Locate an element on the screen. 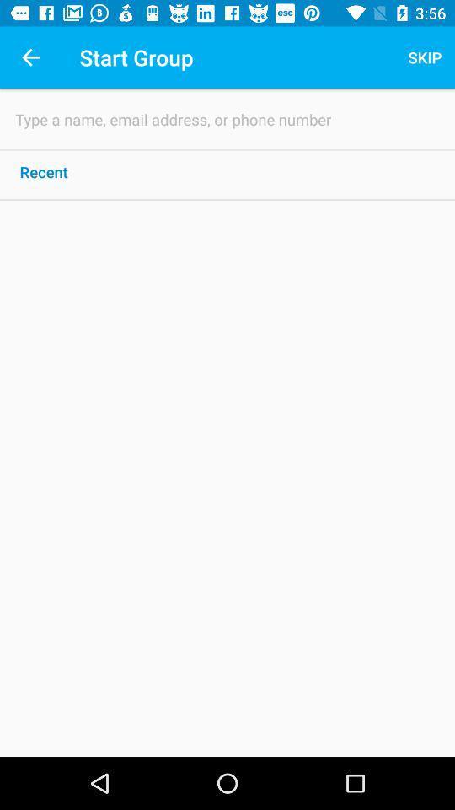 This screenshot has height=810, width=455. app next to the start group app is located at coordinates (424, 57).